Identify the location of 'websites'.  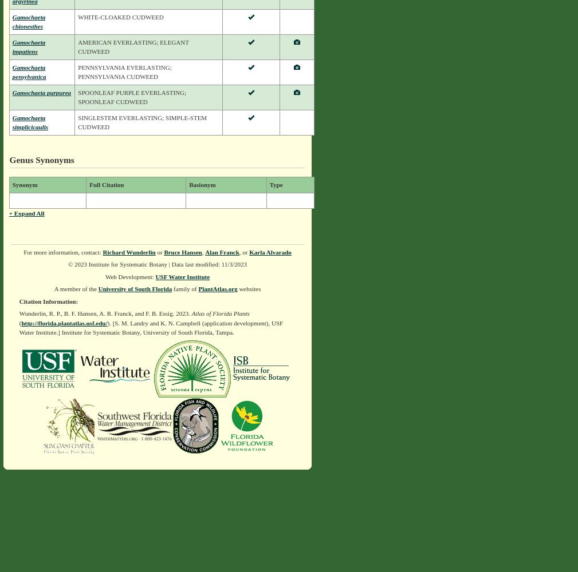
(248, 289).